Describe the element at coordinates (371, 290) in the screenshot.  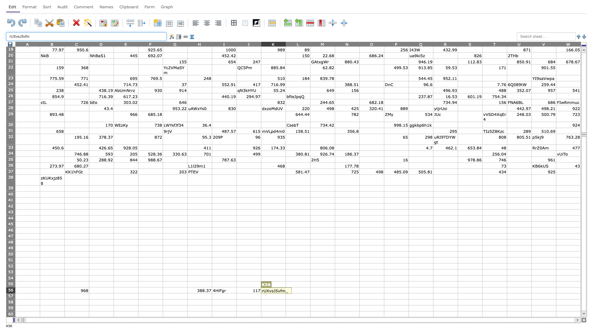
I see `O-56` at that location.